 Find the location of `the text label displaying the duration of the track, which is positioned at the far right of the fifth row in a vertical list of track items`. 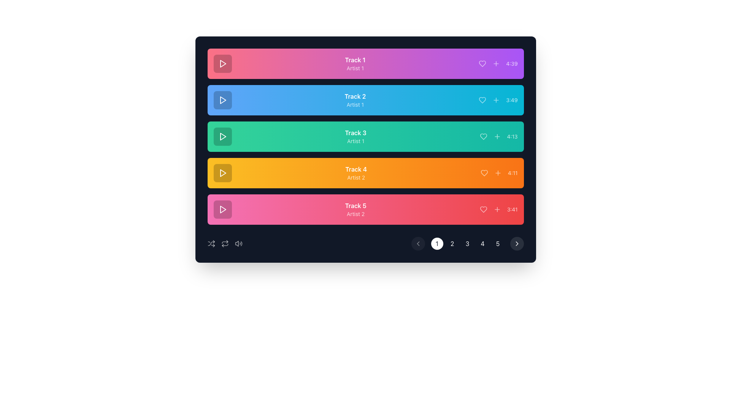

the text label displaying the duration of the track, which is positioned at the far right of the fifth row in a vertical list of track items is located at coordinates (512, 209).